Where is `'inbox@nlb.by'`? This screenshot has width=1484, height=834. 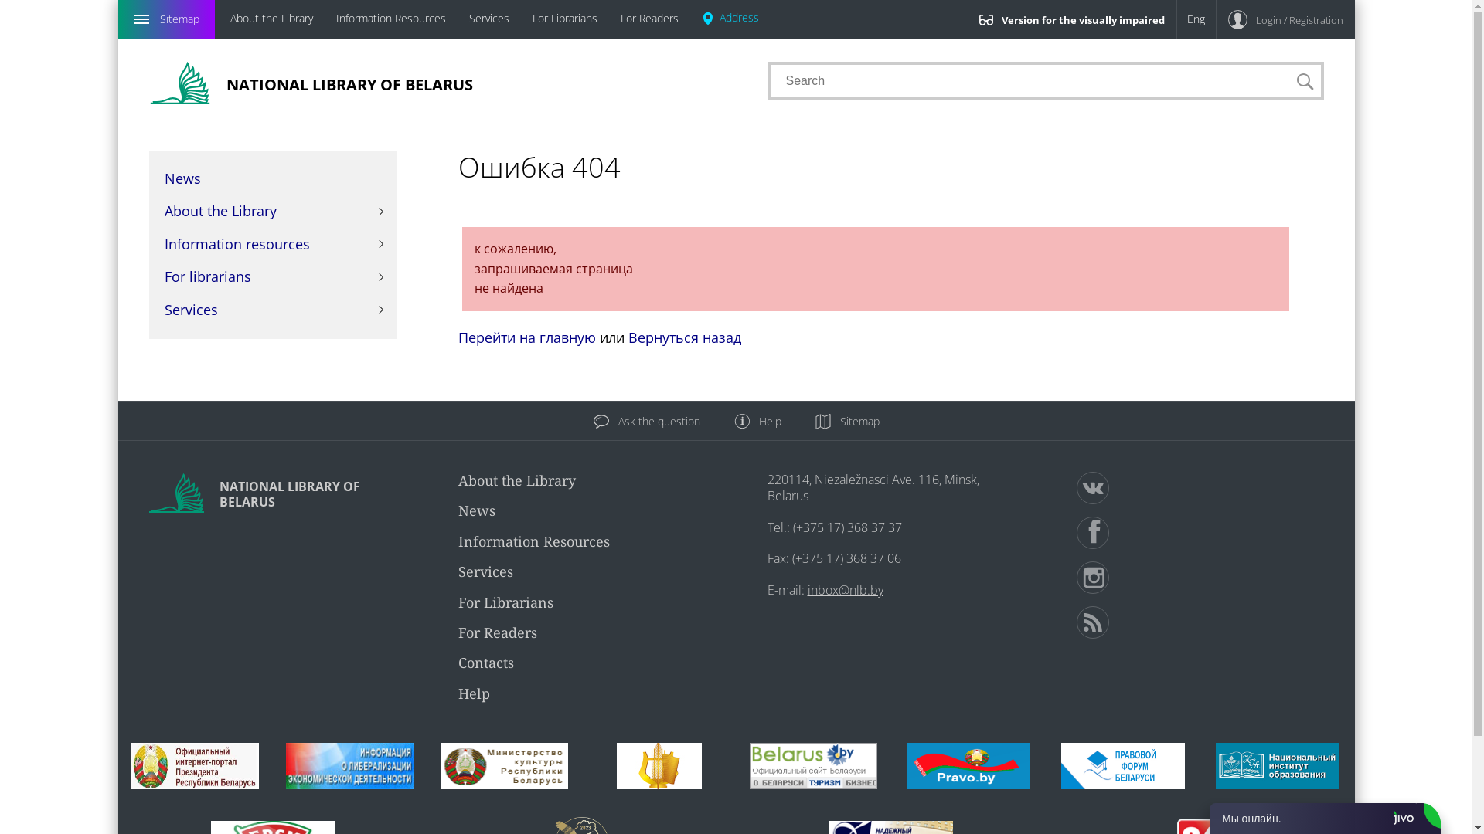 'inbox@nlb.by' is located at coordinates (844, 589).